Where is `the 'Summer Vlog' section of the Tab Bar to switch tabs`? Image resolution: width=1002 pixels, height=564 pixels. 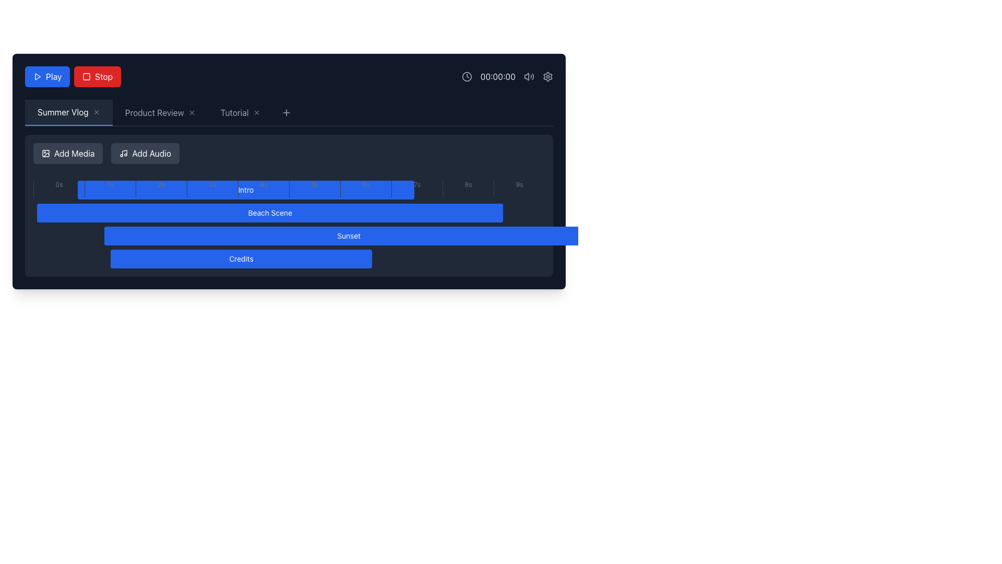
the 'Summer Vlog' section of the Tab Bar to switch tabs is located at coordinates (289, 113).